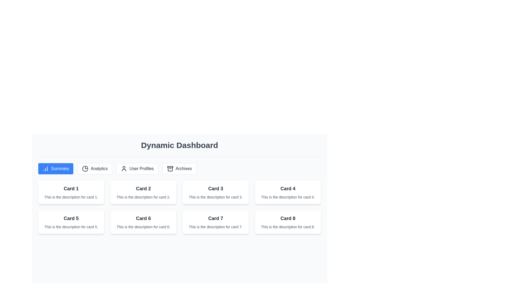 Image resolution: width=510 pixels, height=287 pixels. I want to click on the descriptive text providing additional information specific to 'Card 4', located centrally below the title in the fourth card of the grid layout, so click(288, 197).